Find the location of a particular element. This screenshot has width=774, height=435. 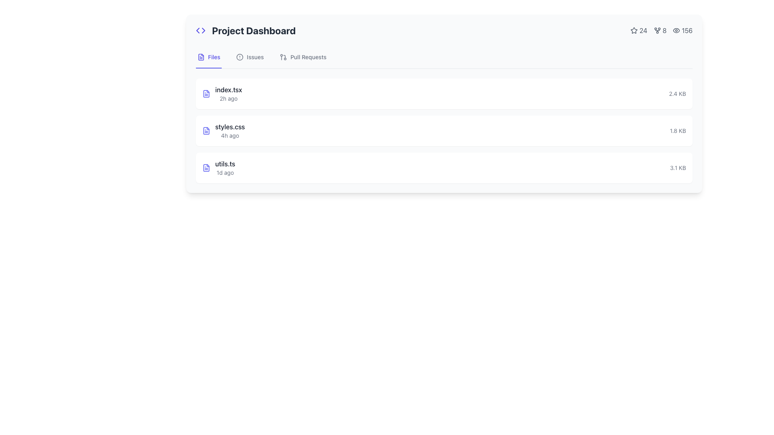

'Files' icon located to the left of the 'Files' text in the navigation tab at the top of the dashboard for styling is located at coordinates (201, 57).